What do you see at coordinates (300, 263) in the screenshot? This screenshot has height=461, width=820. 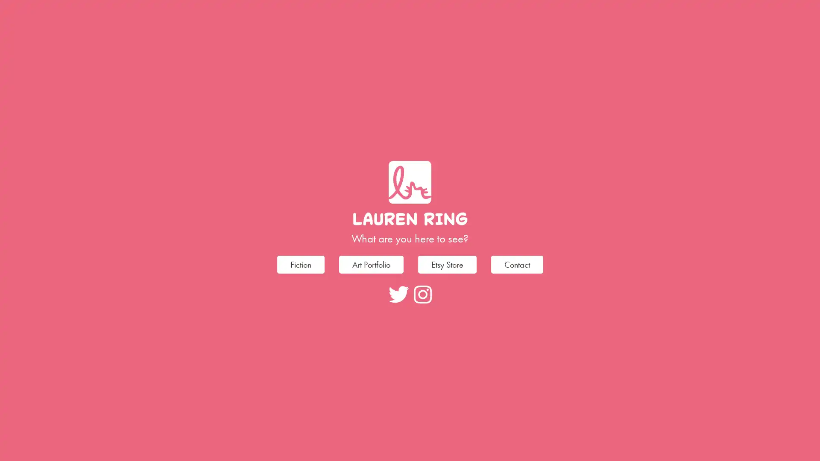 I see `Fiction` at bounding box center [300, 263].